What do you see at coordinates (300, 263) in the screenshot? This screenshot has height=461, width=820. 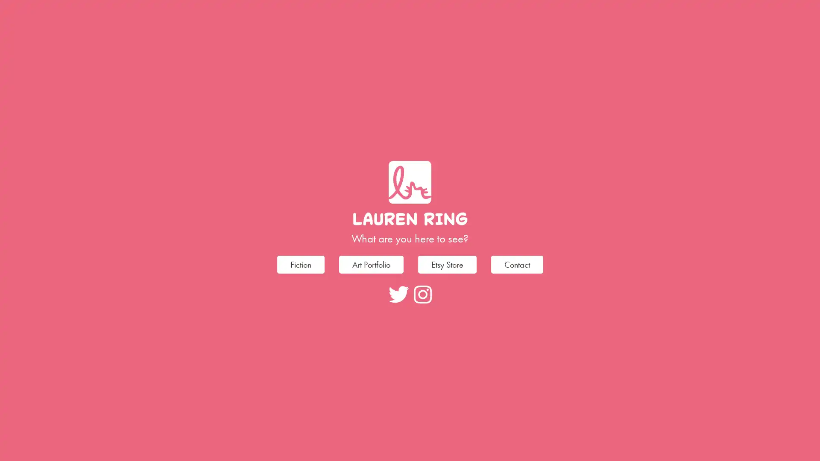 I see `Fiction` at bounding box center [300, 263].